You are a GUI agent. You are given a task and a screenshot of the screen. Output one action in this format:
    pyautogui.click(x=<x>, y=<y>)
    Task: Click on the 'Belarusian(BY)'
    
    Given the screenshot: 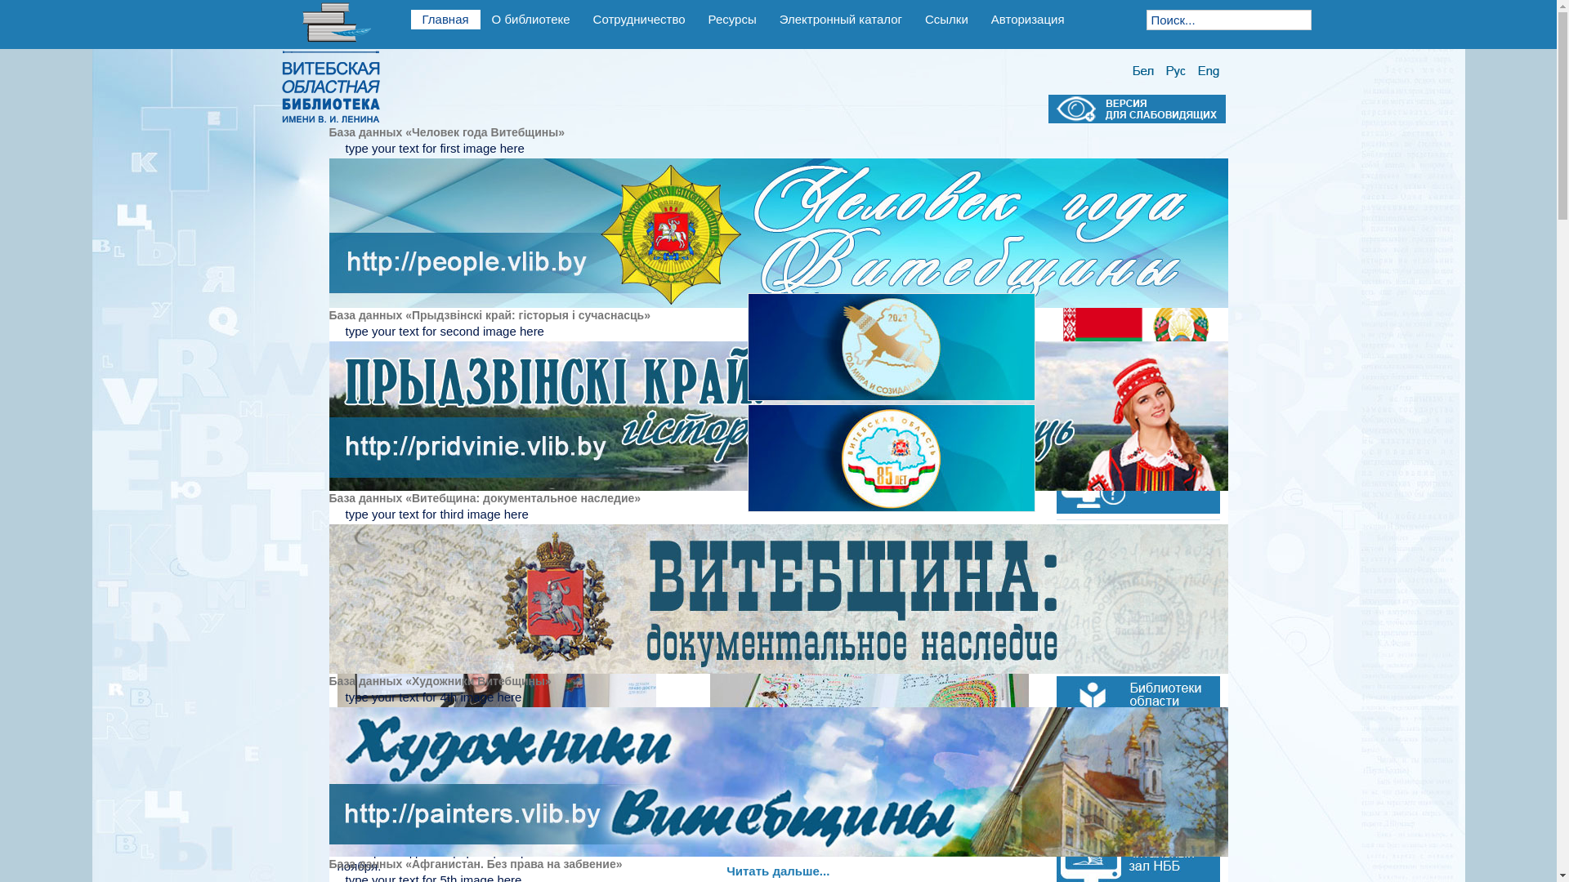 What is the action you would take?
    pyautogui.click(x=1141, y=71)
    